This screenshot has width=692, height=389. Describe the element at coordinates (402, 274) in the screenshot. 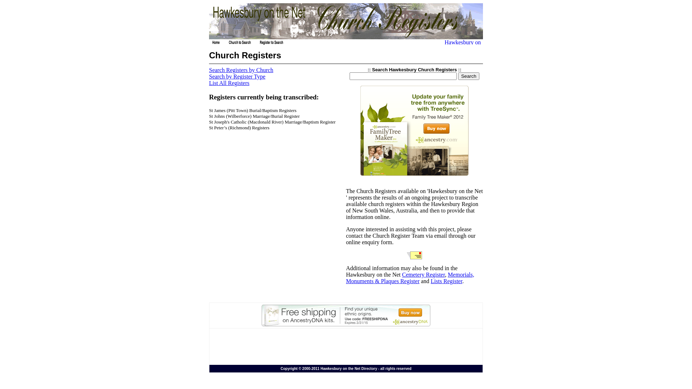

I see `'Cemetery Register'` at that location.